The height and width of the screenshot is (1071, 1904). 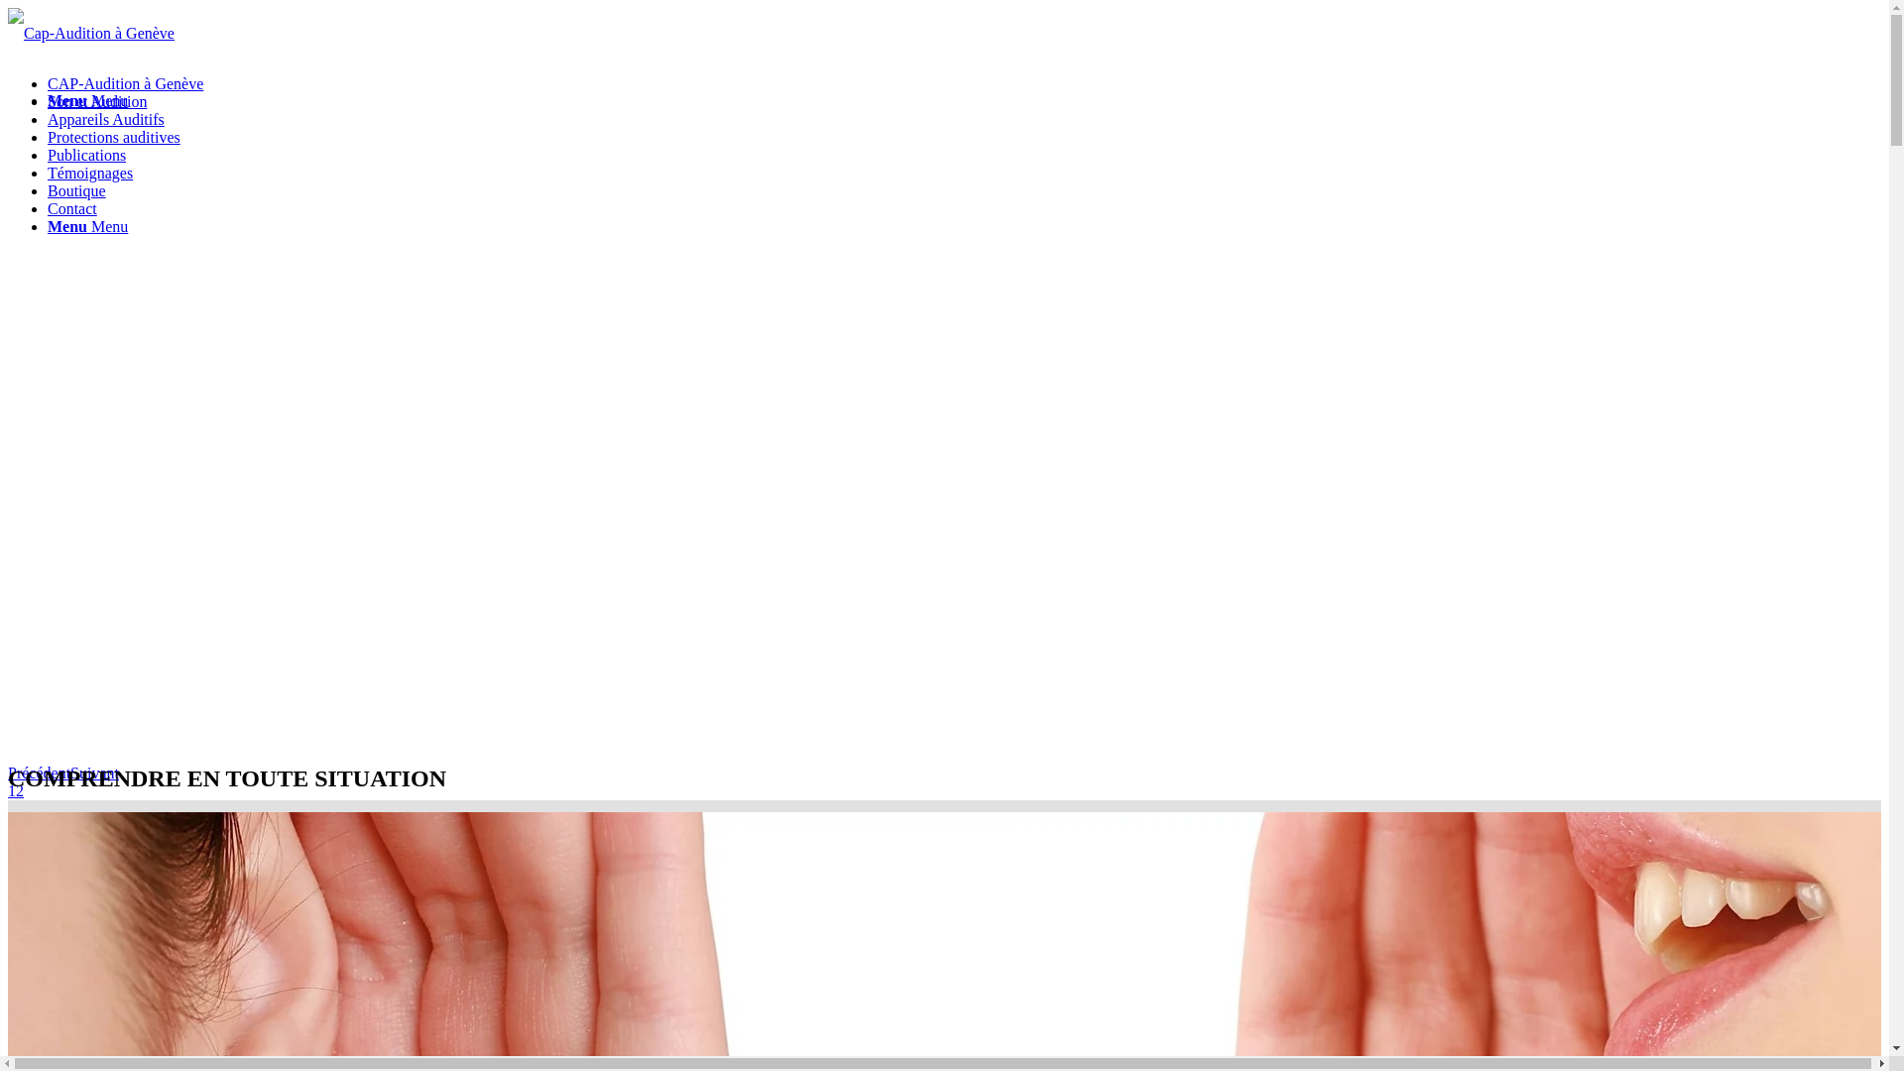 What do you see at coordinates (95, 101) in the screenshot?
I see `'Son et Audition'` at bounding box center [95, 101].